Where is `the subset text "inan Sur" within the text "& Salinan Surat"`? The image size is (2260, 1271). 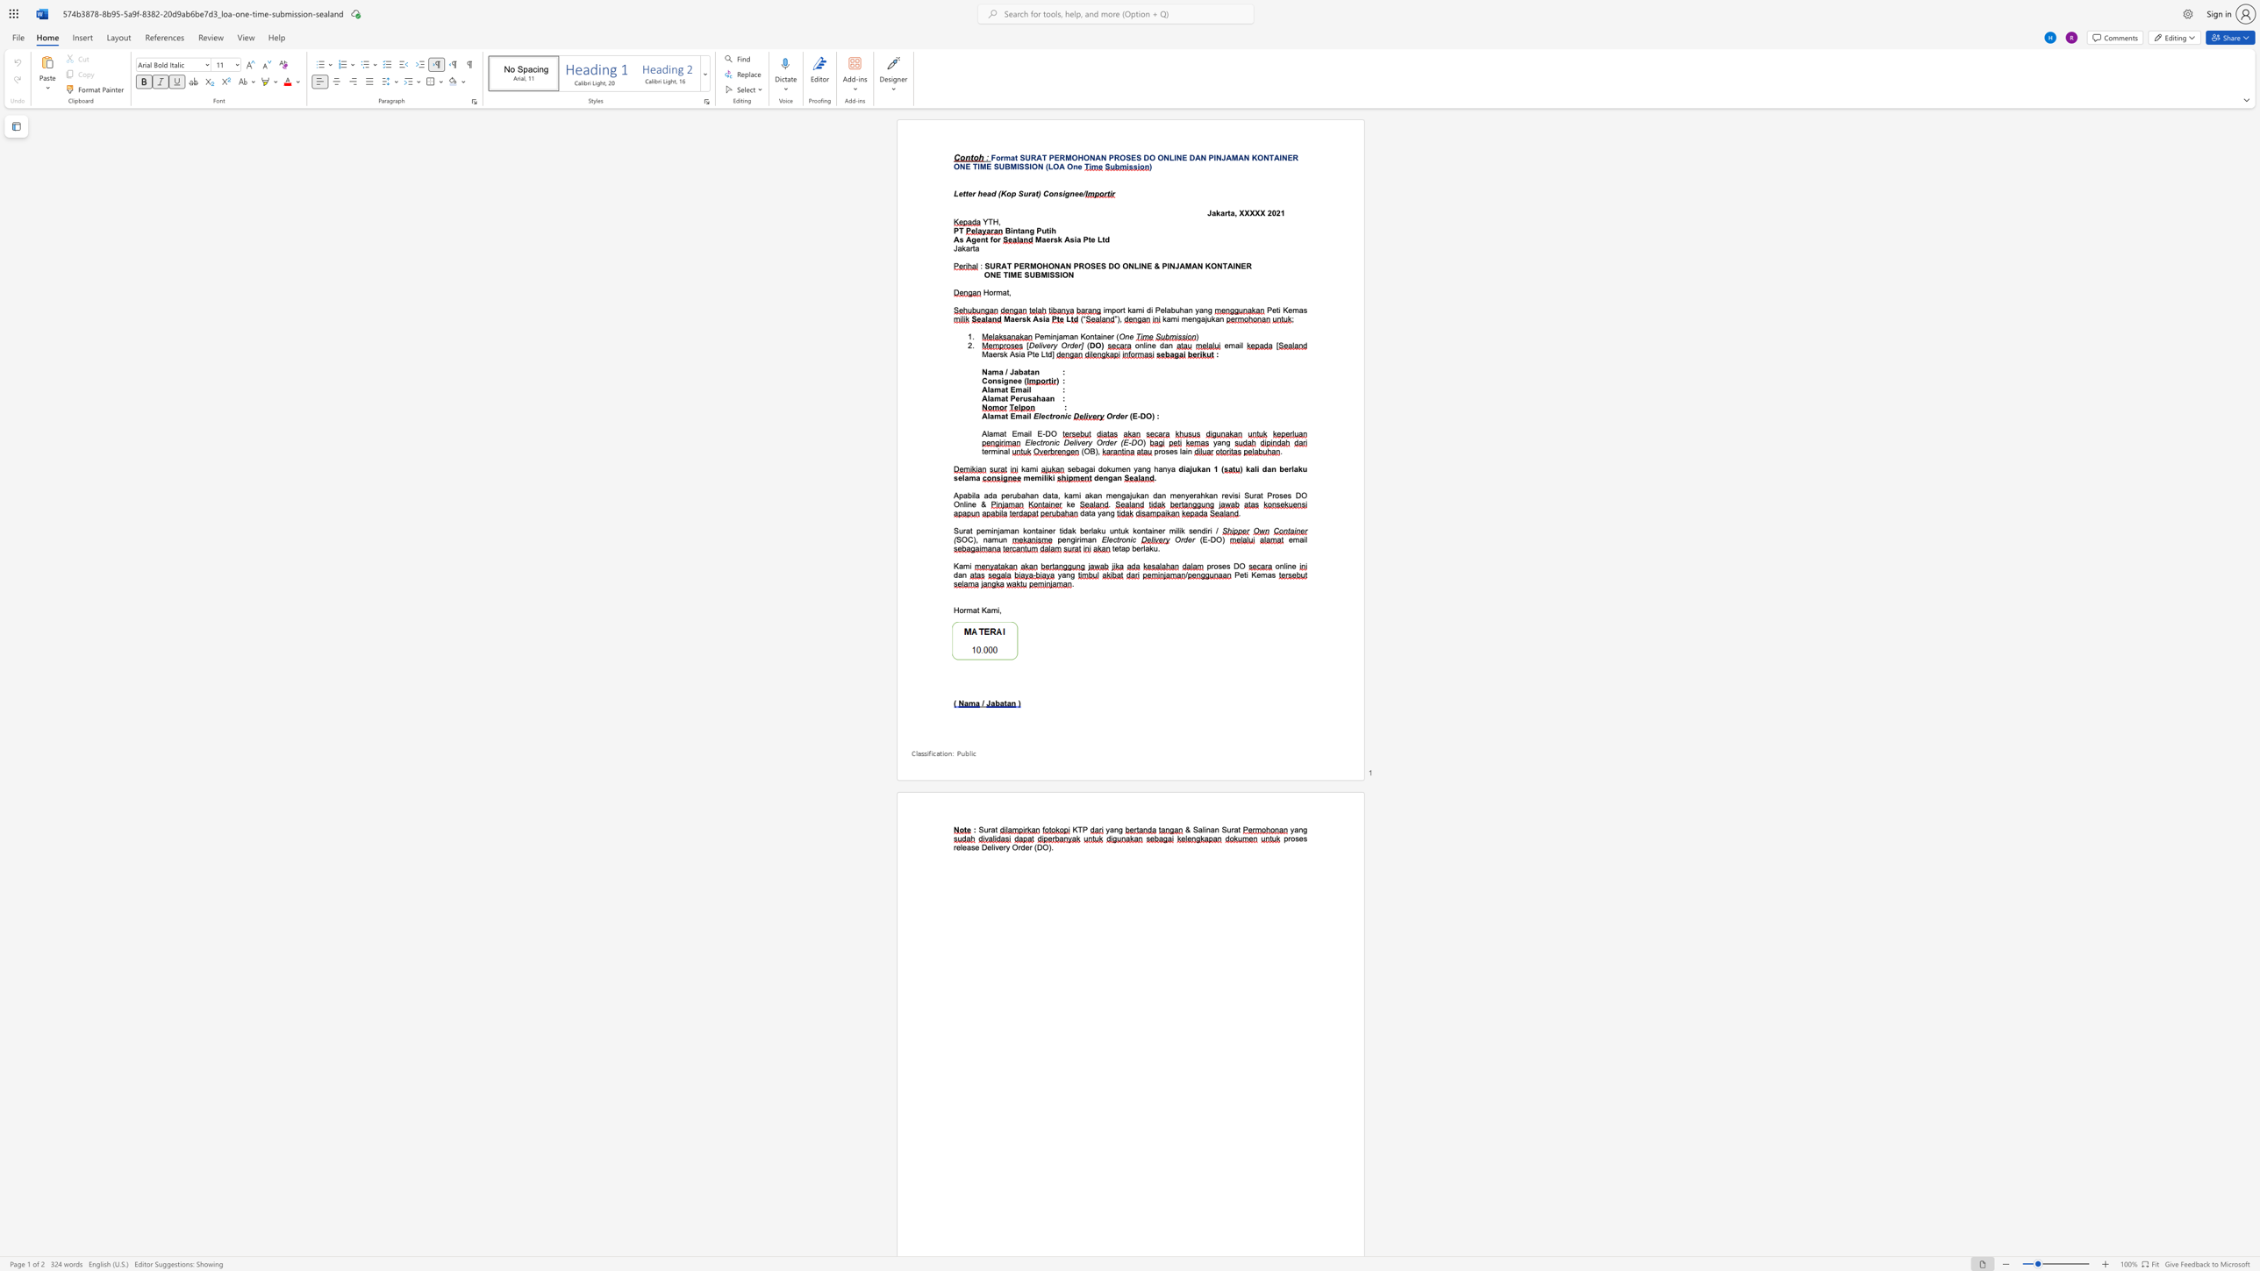
the subset text "inan Sur" within the text "& Salinan Surat" is located at coordinates (1204, 829).